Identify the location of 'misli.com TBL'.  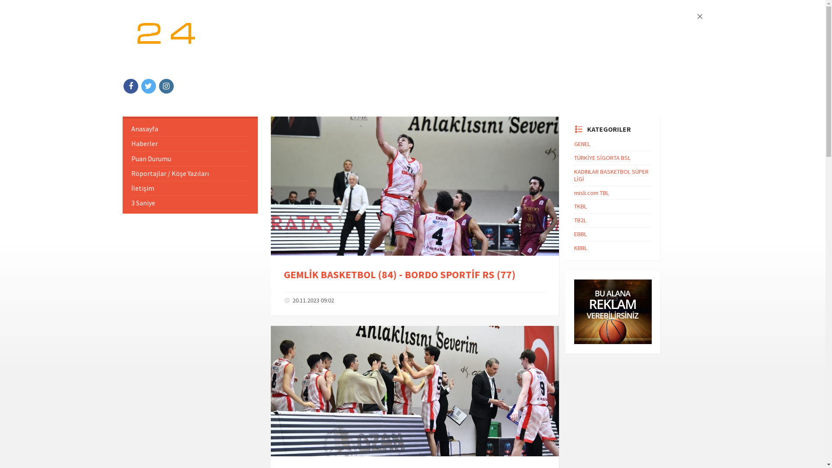
(591, 192).